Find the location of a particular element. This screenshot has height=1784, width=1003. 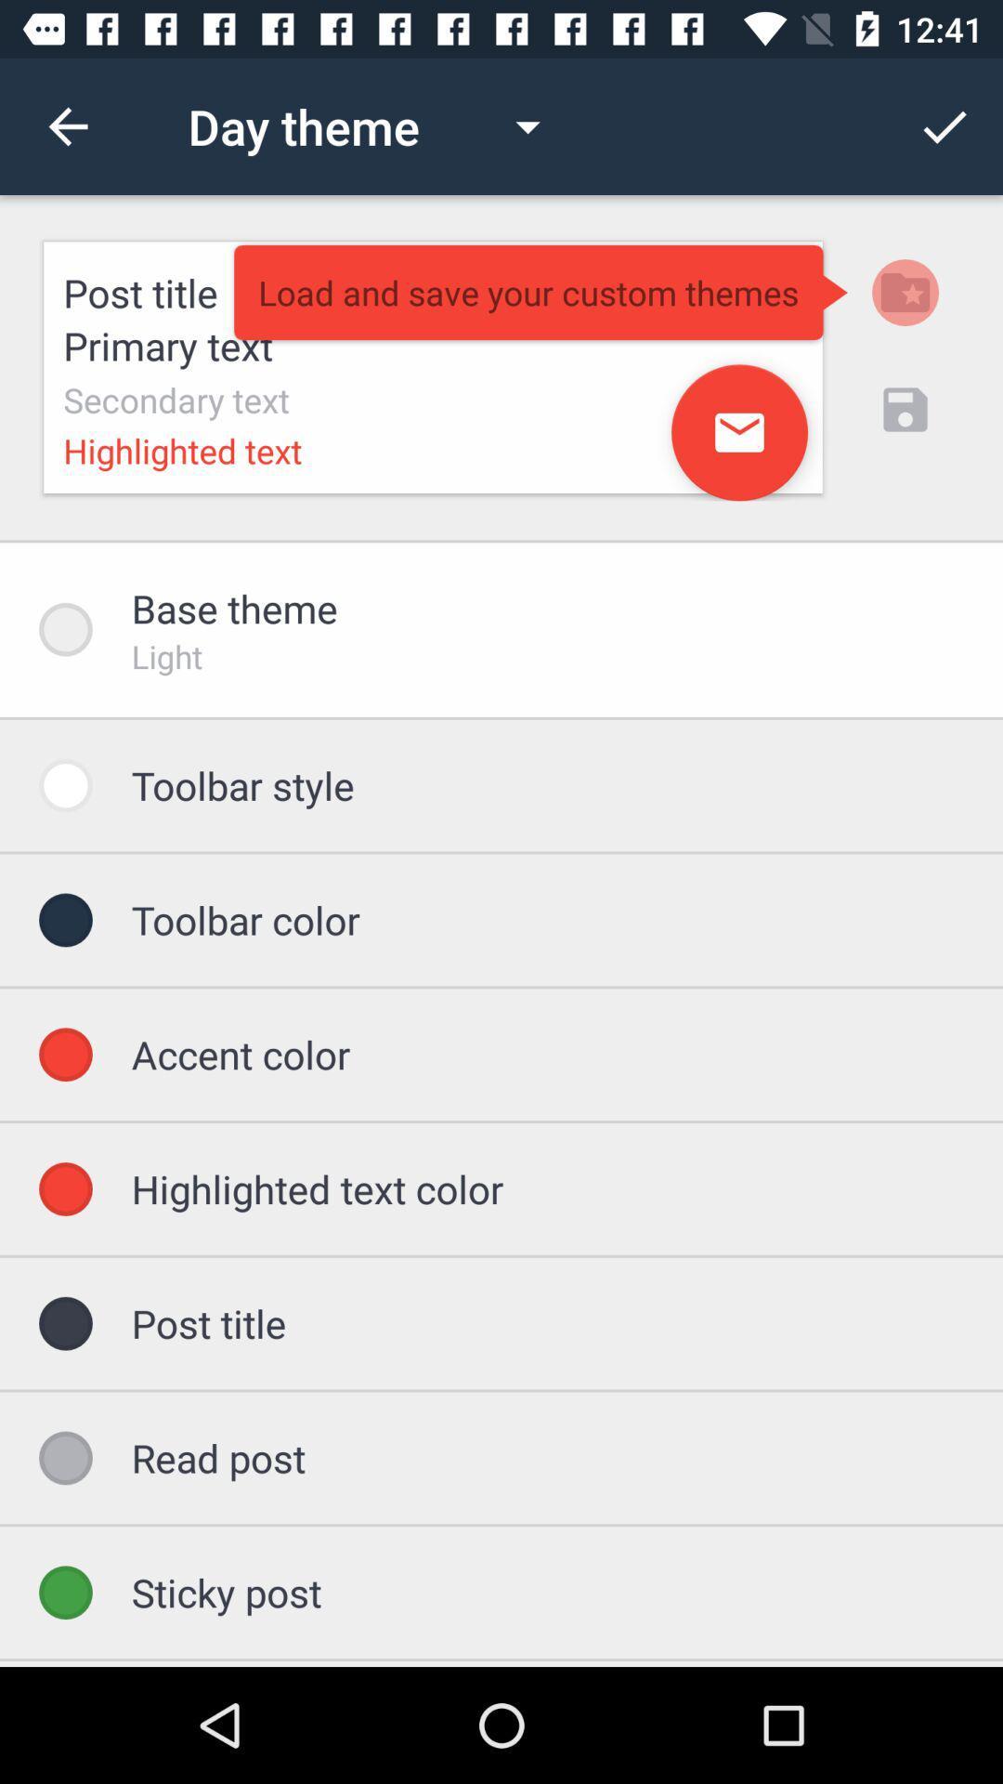

the email icon is located at coordinates (738, 431).